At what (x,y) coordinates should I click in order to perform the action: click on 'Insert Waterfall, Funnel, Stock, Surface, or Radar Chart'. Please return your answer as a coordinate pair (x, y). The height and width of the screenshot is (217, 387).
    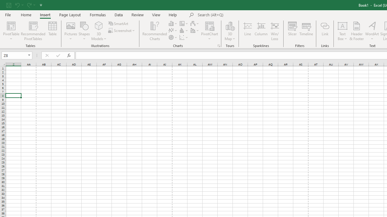
    Looking at the image, I should click on (195, 23).